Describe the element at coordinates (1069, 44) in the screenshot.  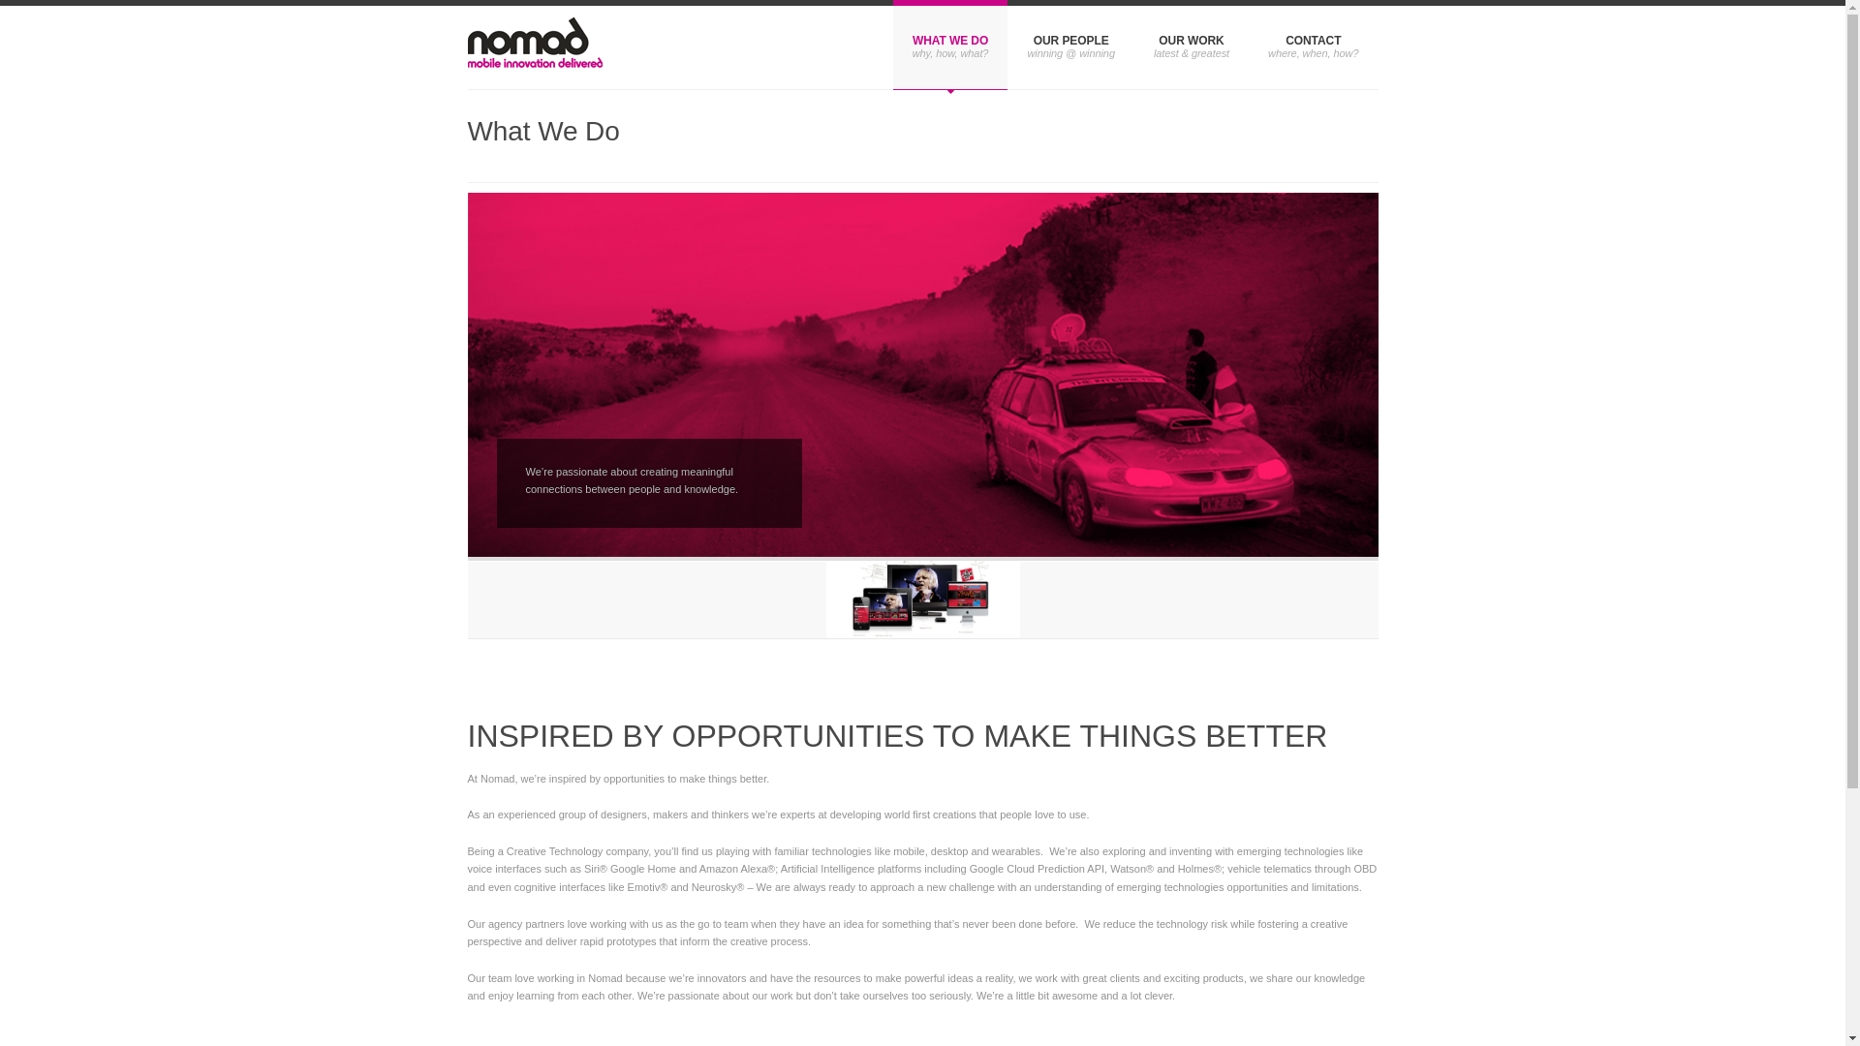
I see `'OUR PEOPLE'` at that location.